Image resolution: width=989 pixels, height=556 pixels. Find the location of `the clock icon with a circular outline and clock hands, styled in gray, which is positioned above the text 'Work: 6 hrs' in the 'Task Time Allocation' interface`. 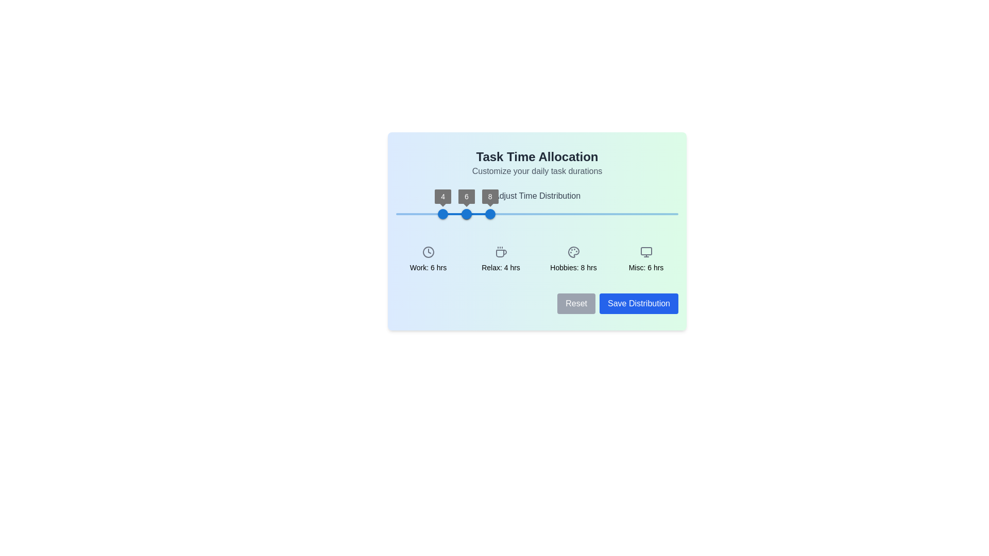

the clock icon with a circular outline and clock hands, styled in gray, which is positioned above the text 'Work: 6 hrs' in the 'Task Time Allocation' interface is located at coordinates (428, 252).